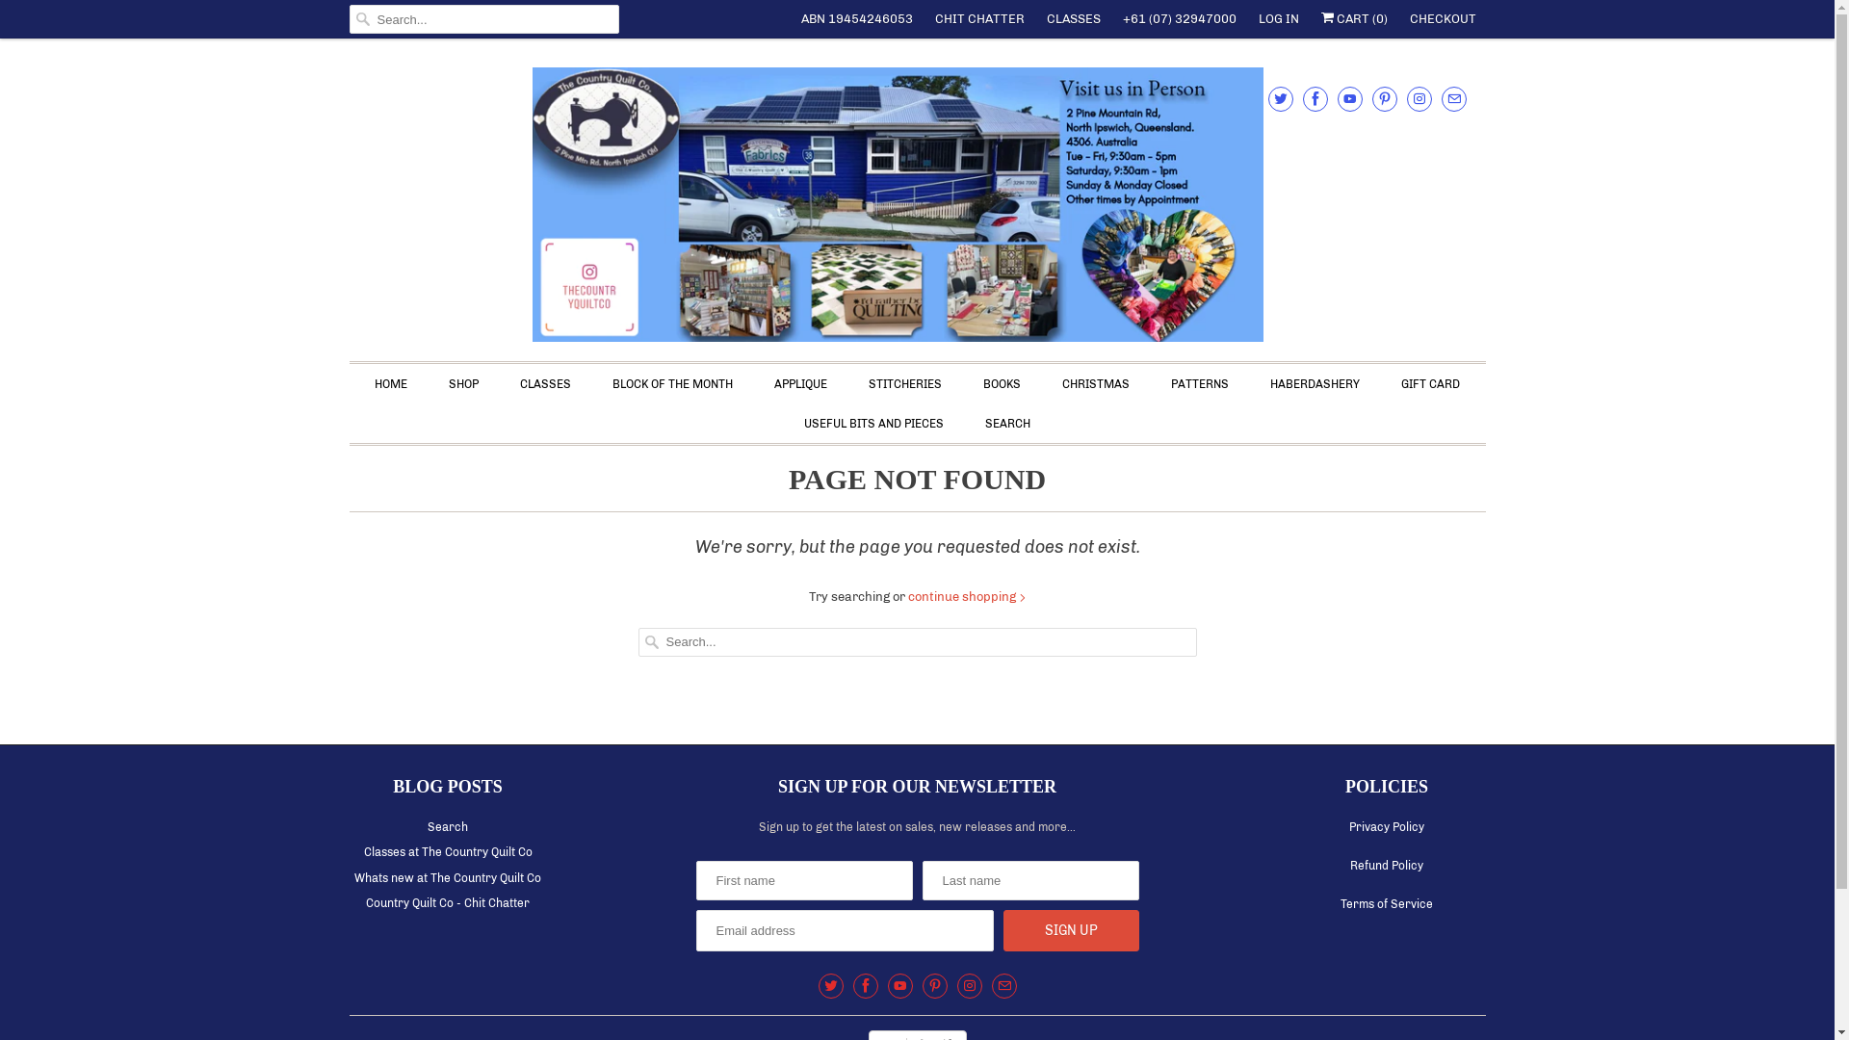 The width and height of the screenshot is (1849, 1040). What do you see at coordinates (374, 384) in the screenshot?
I see `'HOME'` at bounding box center [374, 384].